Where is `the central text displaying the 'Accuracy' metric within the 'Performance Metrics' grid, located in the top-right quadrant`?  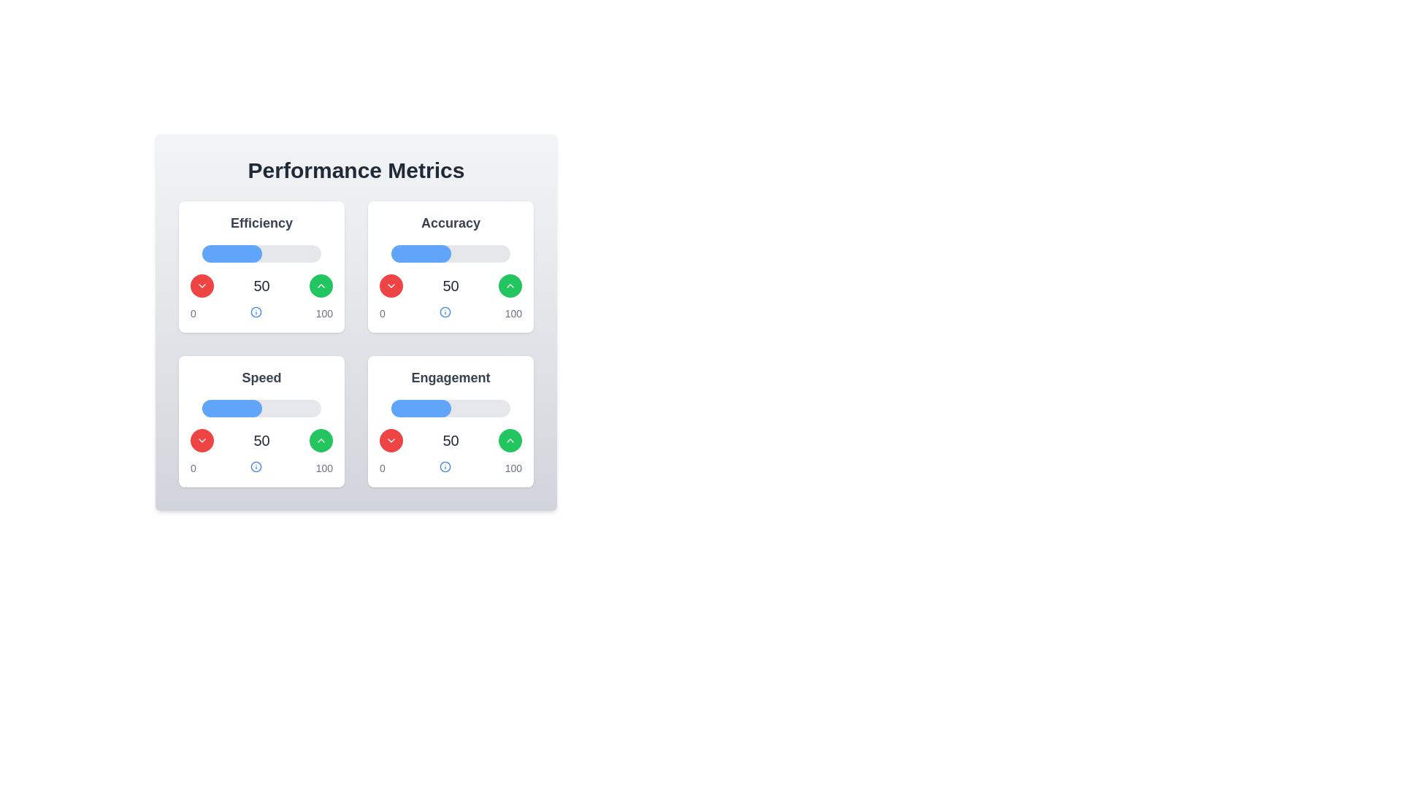
the central text displaying the 'Accuracy' metric within the 'Performance Metrics' grid, located in the top-right quadrant is located at coordinates (450, 286).